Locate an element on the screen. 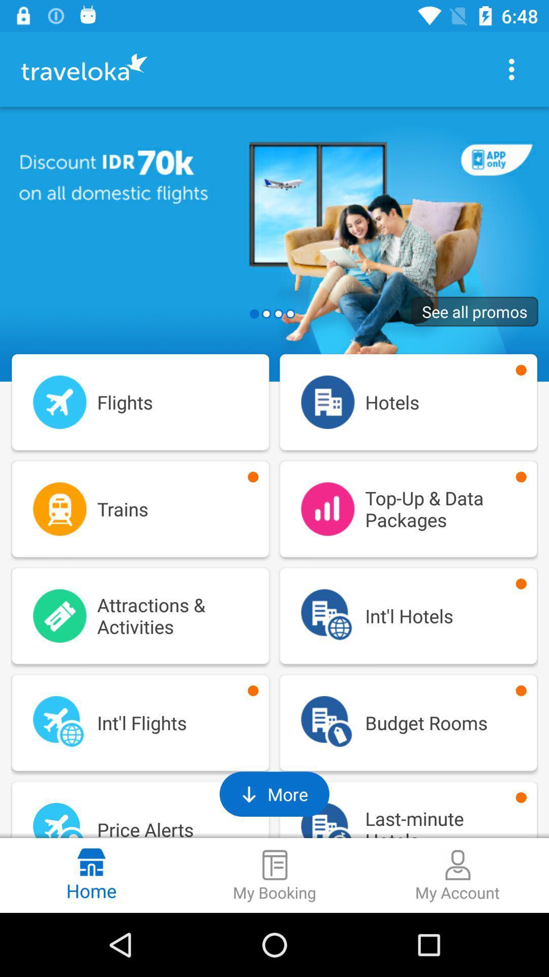 The height and width of the screenshot is (977, 549). more options is located at coordinates (511, 69).